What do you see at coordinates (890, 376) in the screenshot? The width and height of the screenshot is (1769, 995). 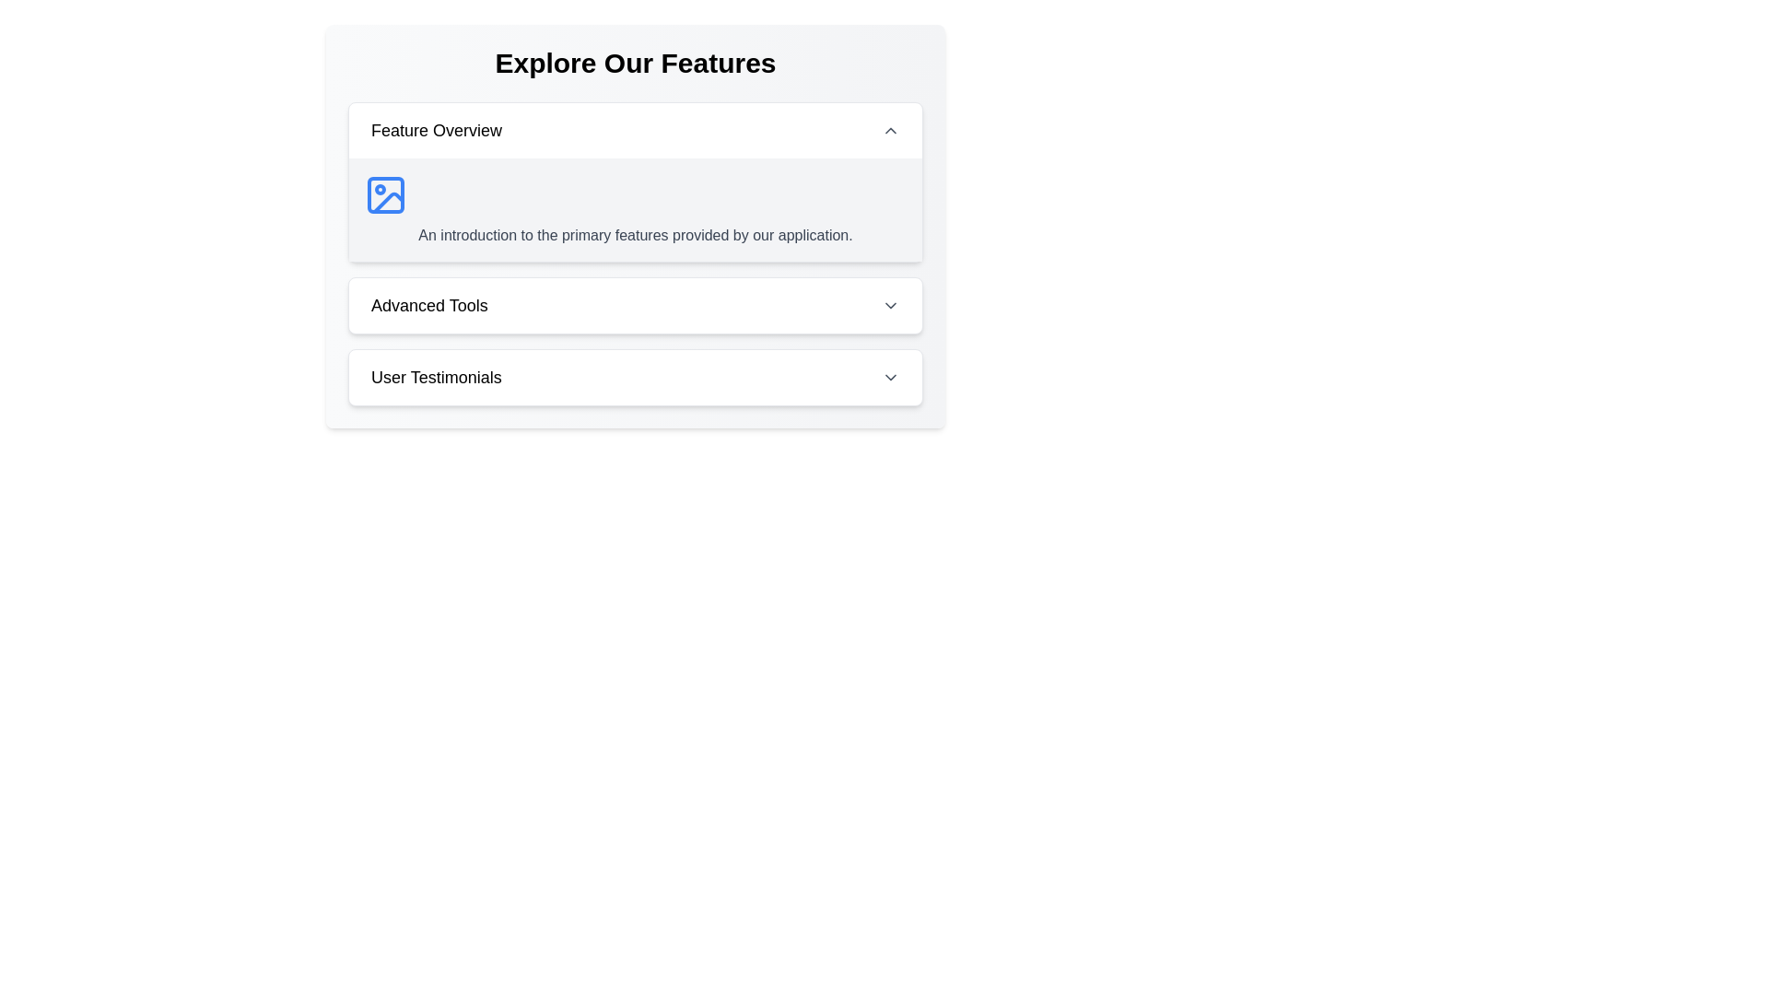 I see `the toggle indicator icon located in the 'User Testimonials' section` at bounding box center [890, 376].